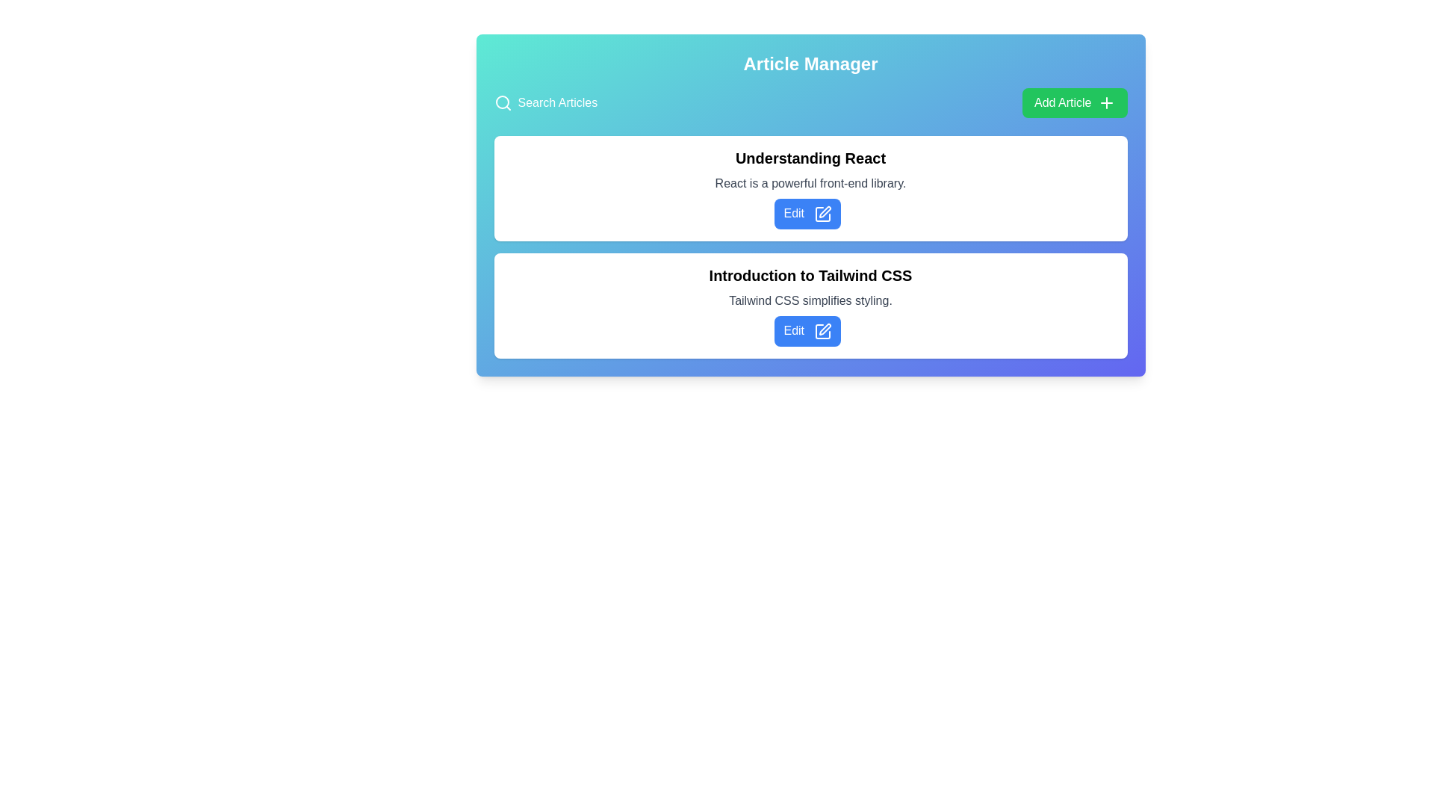 This screenshot has width=1434, height=807. What do you see at coordinates (1106, 102) in the screenshot?
I see `the plus sign icon within the green 'Add Article' button located in the top-right portion of the interface` at bounding box center [1106, 102].